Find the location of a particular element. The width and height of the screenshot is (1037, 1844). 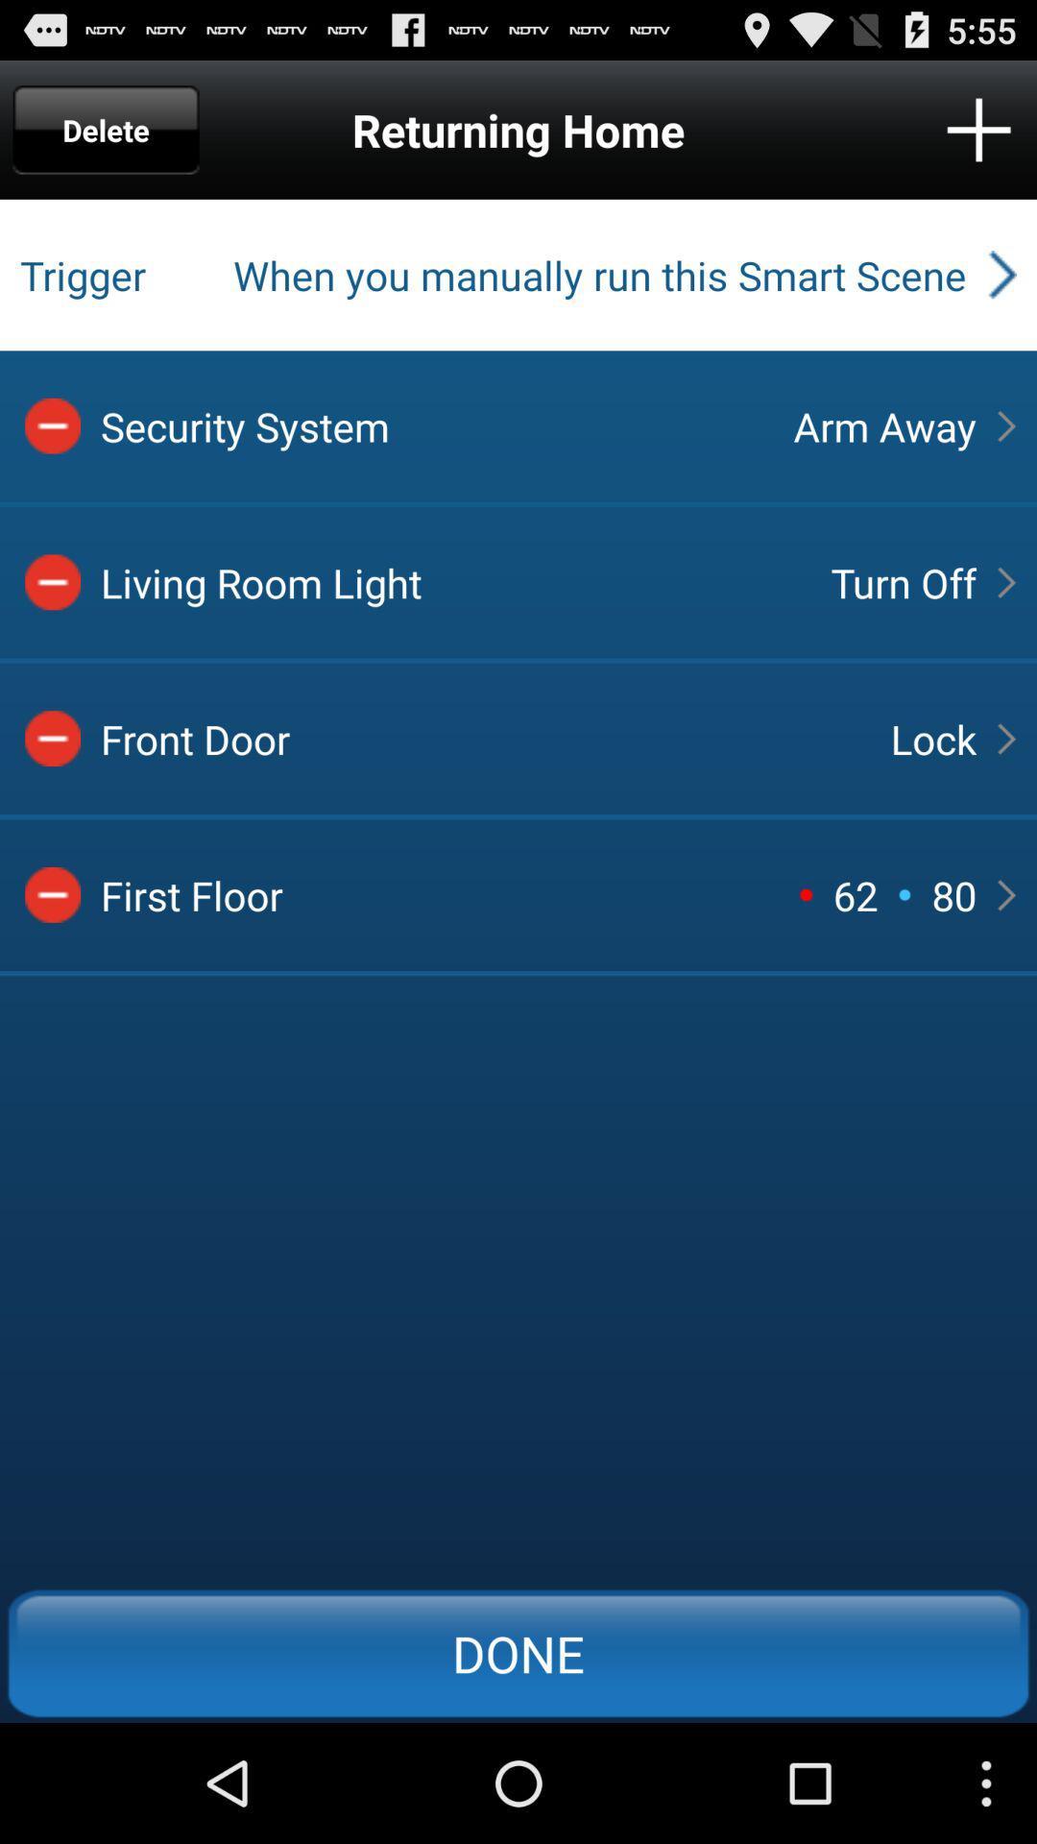

remove trigger is located at coordinates (52, 738).